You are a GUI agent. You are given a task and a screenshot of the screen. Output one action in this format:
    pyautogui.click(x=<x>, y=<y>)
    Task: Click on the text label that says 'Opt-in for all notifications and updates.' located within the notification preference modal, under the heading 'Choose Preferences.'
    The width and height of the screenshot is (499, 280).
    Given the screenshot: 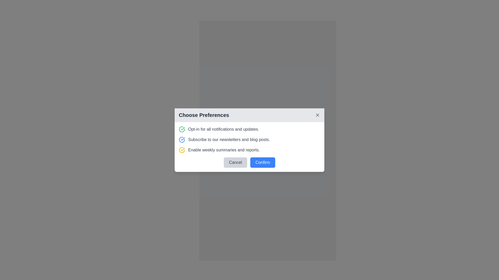 What is the action you would take?
    pyautogui.click(x=224, y=129)
    